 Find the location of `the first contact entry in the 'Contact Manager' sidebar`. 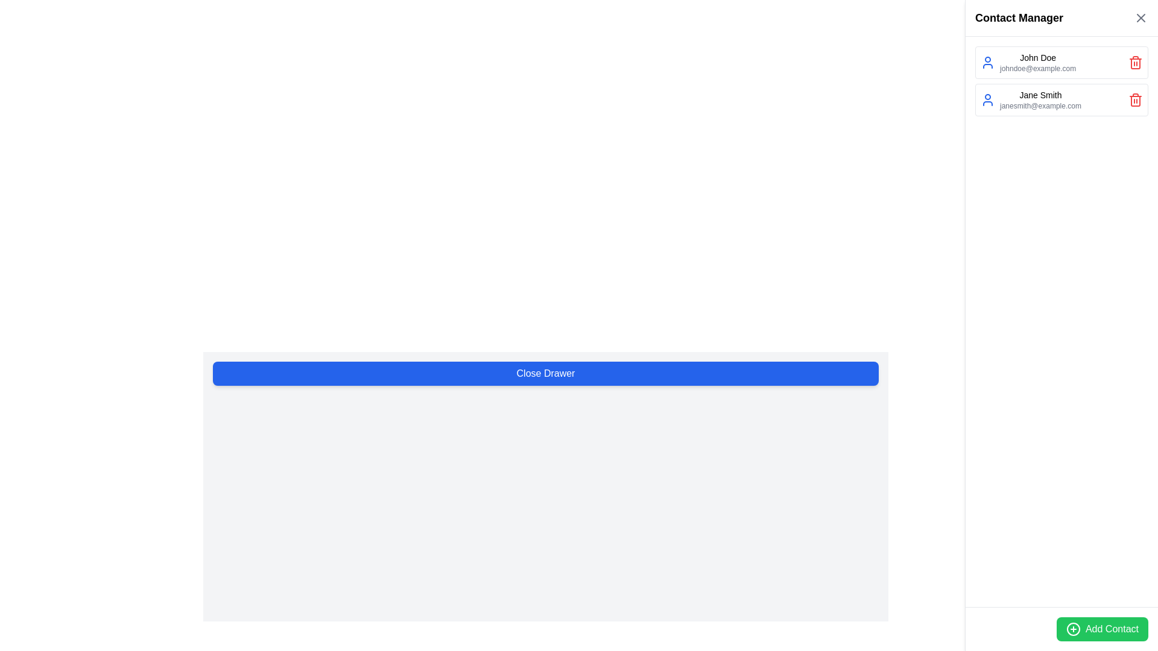

the first contact entry in the 'Contact Manager' sidebar is located at coordinates (1037, 63).